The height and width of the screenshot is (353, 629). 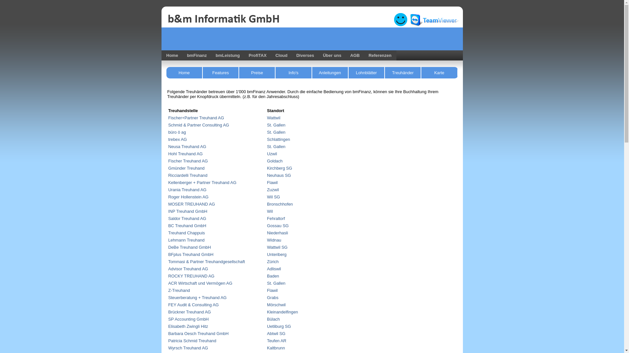 What do you see at coordinates (273, 297) in the screenshot?
I see `'Grabs'` at bounding box center [273, 297].